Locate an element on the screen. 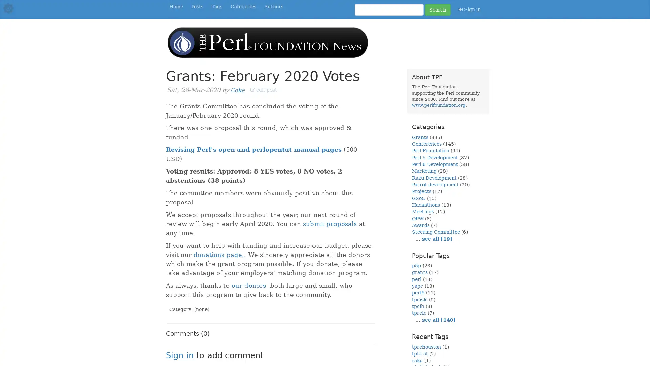  Search is located at coordinates (437, 10).